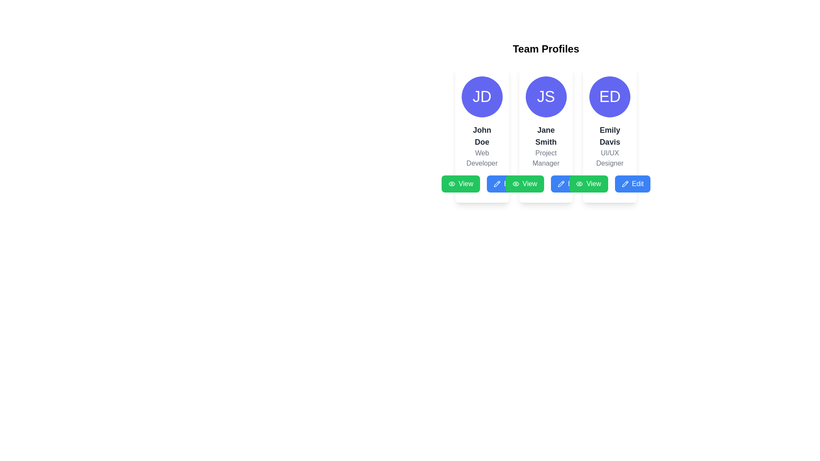 The height and width of the screenshot is (461, 820). Describe the element at coordinates (609, 184) in the screenshot. I see `the green 'View' button in the button group located in the lower section of the card for Emily Davis, a UI/UX Designer` at that location.